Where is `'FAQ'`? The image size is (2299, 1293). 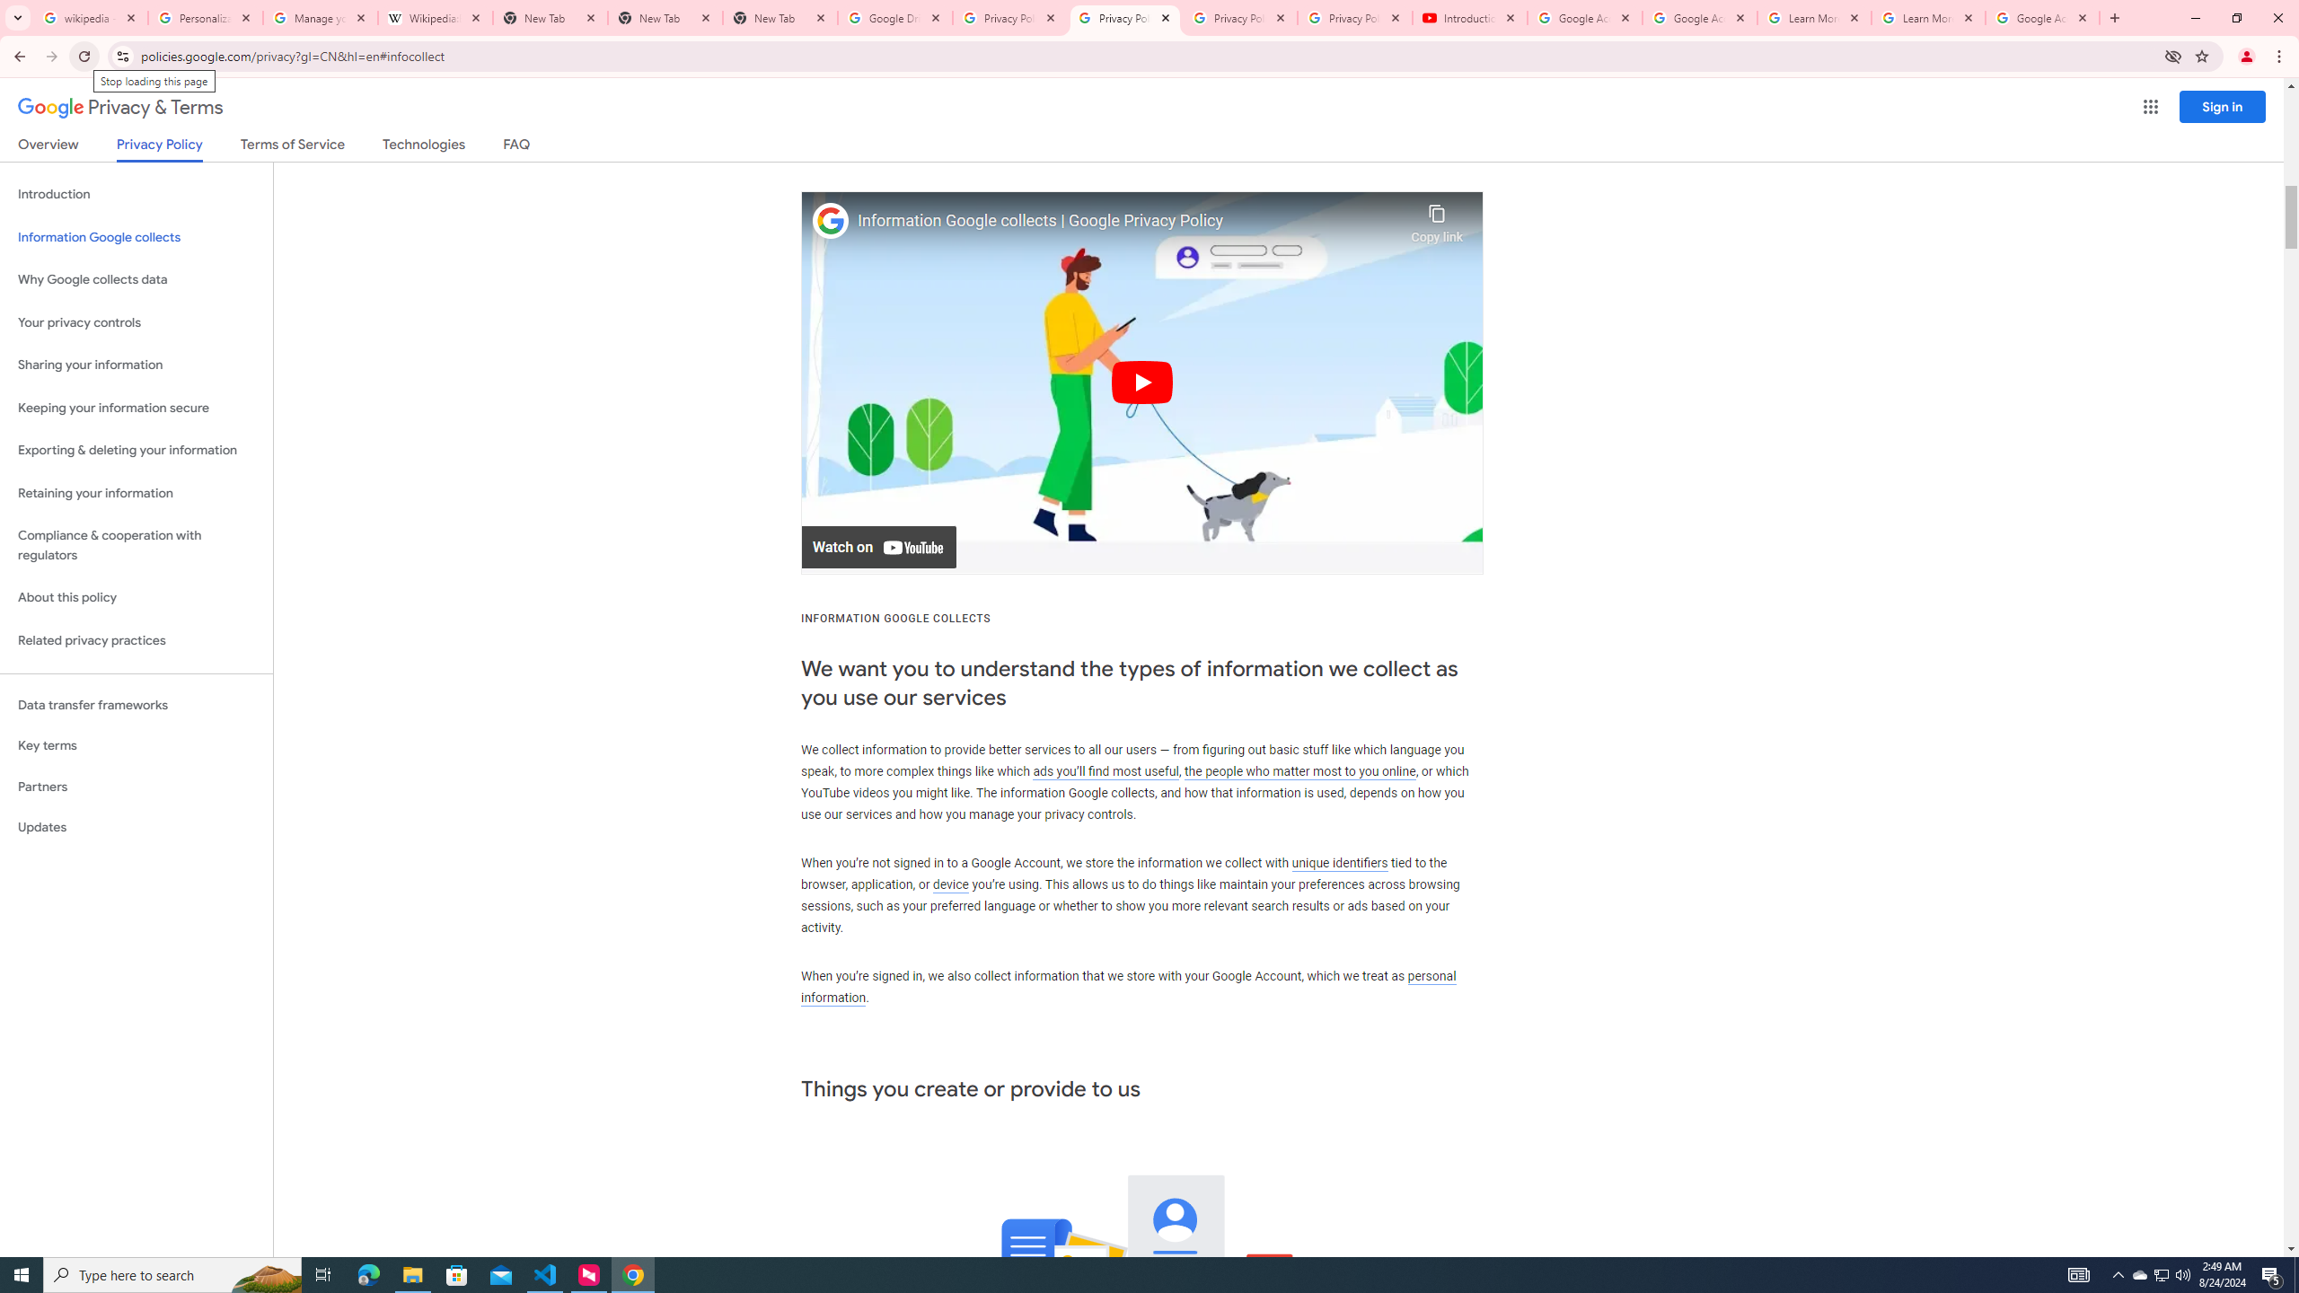 'FAQ' is located at coordinates (516, 147).